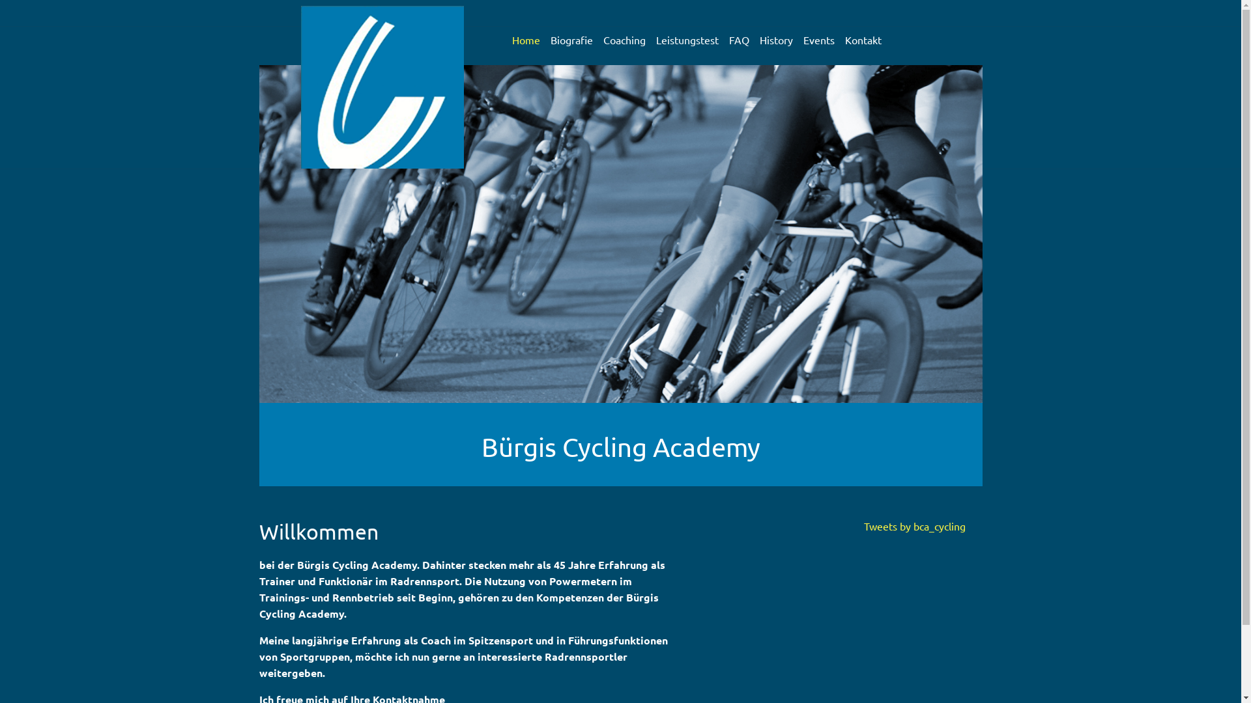 This screenshot has width=1251, height=703. What do you see at coordinates (913, 525) in the screenshot?
I see `'Tweets by bca_cycling'` at bounding box center [913, 525].